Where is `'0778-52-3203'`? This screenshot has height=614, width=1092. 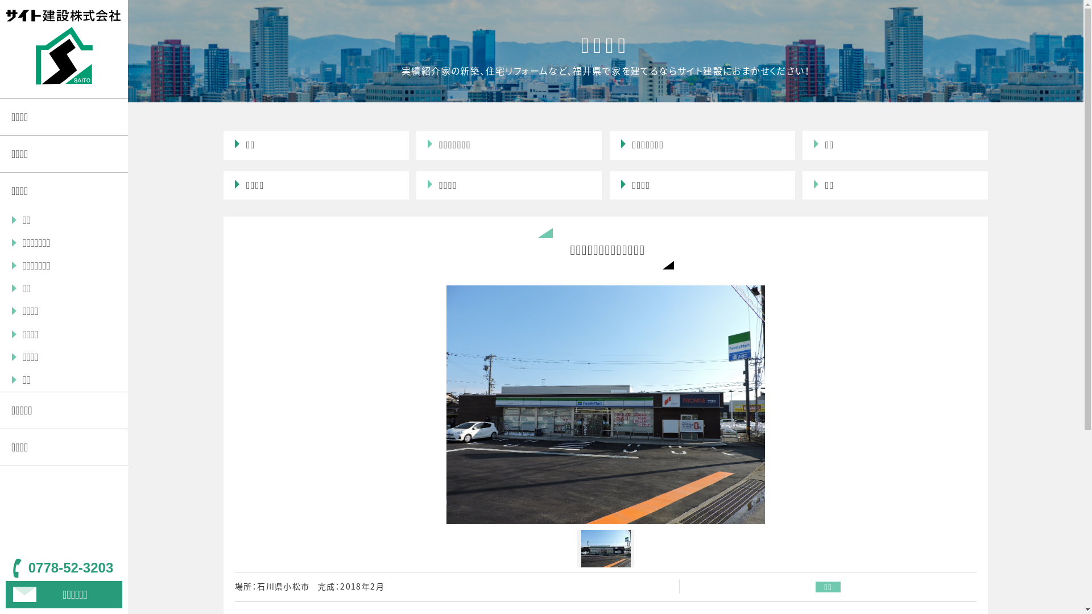
'0778-52-3203' is located at coordinates (63, 568).